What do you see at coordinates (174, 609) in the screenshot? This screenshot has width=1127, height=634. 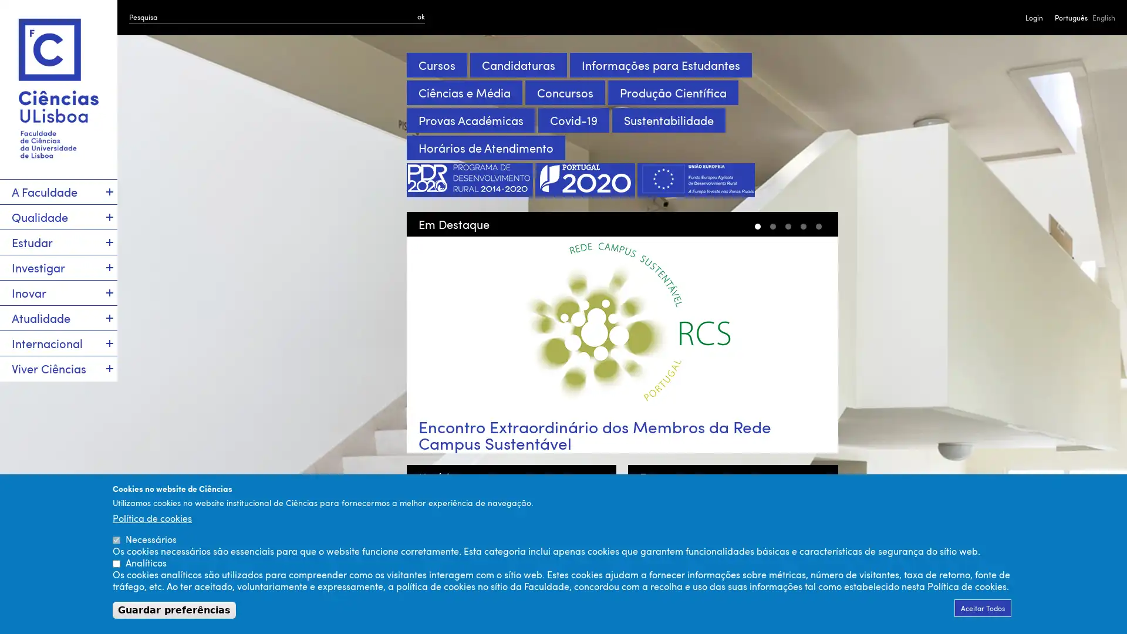 I see `Guardar preferencias` at bounding box center [174, 609].